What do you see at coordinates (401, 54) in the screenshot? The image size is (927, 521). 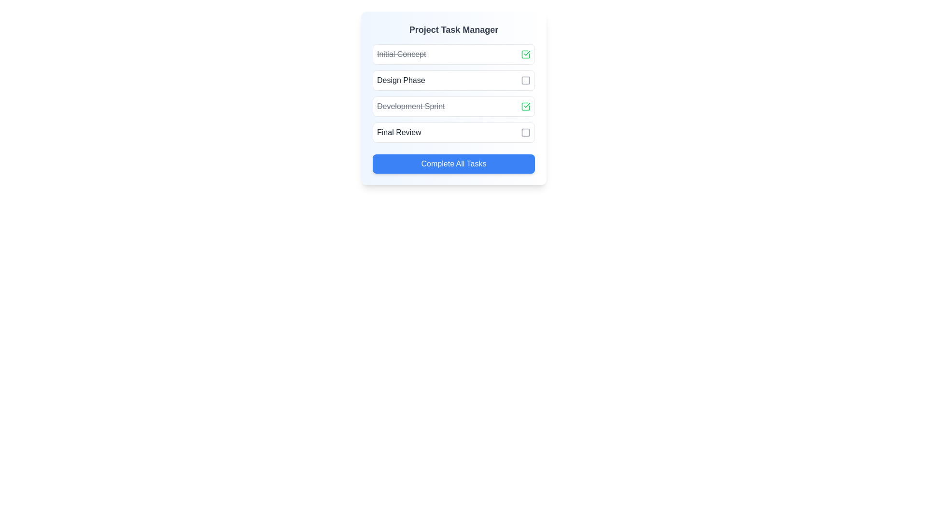 I see `the text display labeled 'Initial Concept' which has a gray strikethrough font, located in the first row of the 'Project Task Manager' list` at bounding box center [401, 54].